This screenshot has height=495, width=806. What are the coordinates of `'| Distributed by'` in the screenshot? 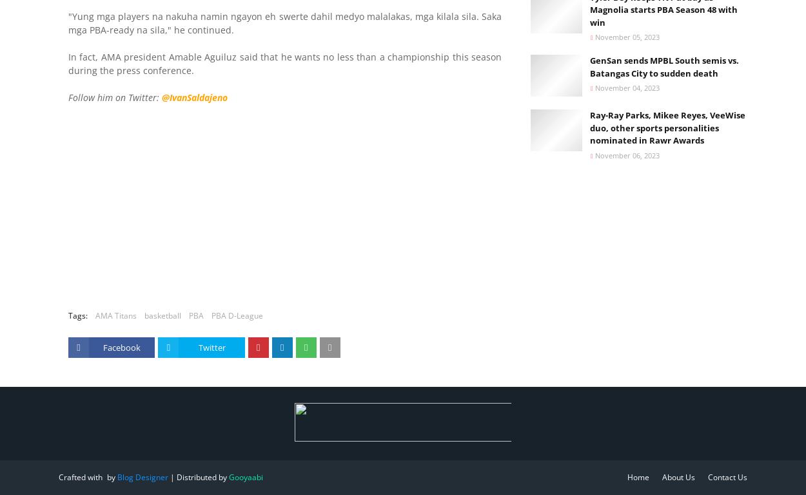 It's located at (199, 476).